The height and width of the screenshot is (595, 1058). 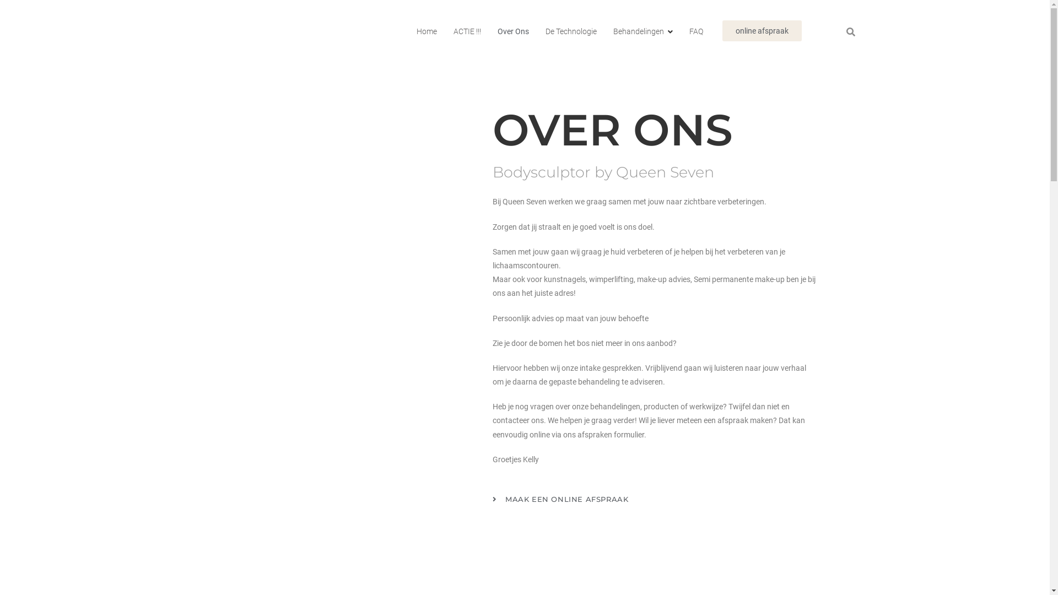 I want to click on 'online afspraak', so click(x=761, y=30).